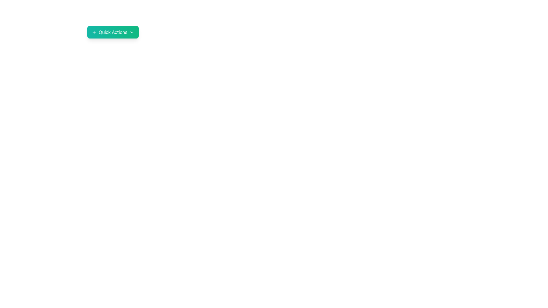 Image resolution: width=548 pixels, height=308 pixels. I want to click on the chevron icon located to the rightmost side of the 'Quick Actions' button, so click(132, 32).